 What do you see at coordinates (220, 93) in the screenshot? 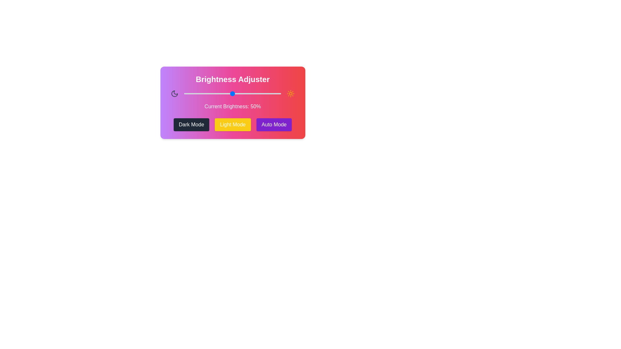
I see `the brightness to 37% by dragging the slider handle` at bounding box center [220, 93].